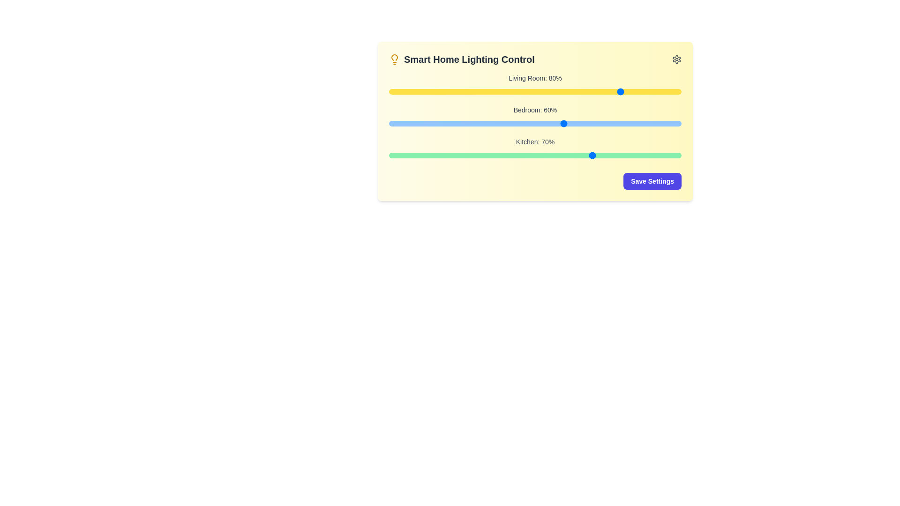 The width and height of the screenshot is (900, 506). What do you see at coordinates (587, 92) in the screenshot?
I see `the living room light intensity` at bounding box center [587, 92].